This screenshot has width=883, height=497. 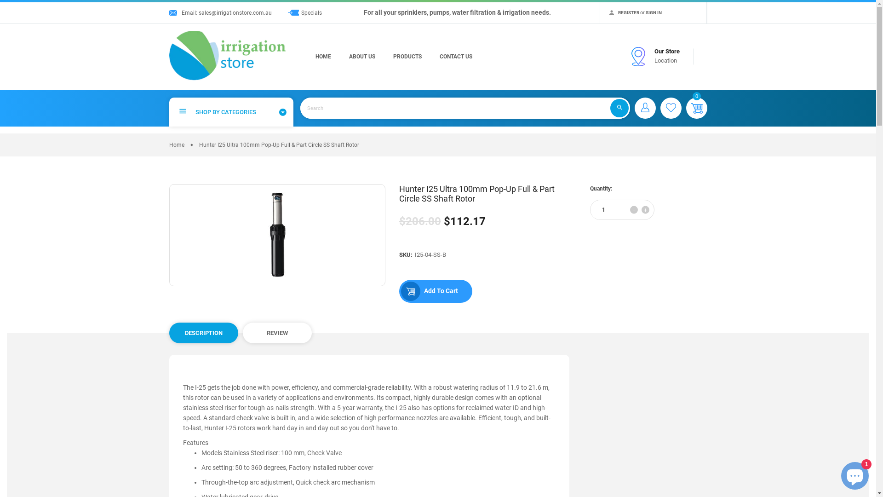 I want to click on 'HOME', so click(x=323, y=57).